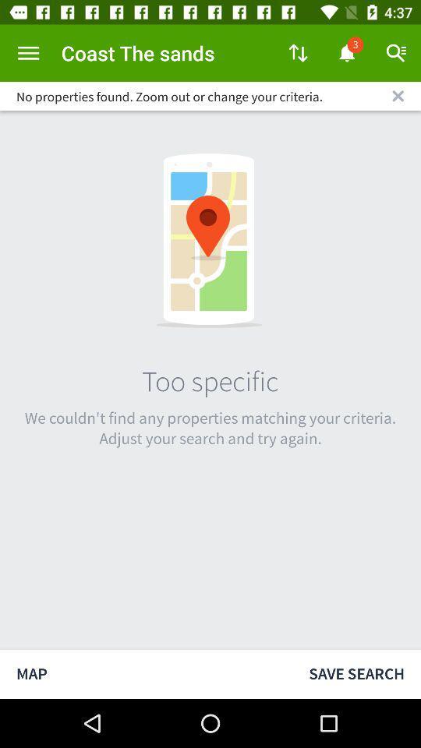 The width and height of the screenshot is (421, 748). What do you see at coordinates (28, 53) in the screenshot?
I see `menu options` at bounding box center [28, 53].